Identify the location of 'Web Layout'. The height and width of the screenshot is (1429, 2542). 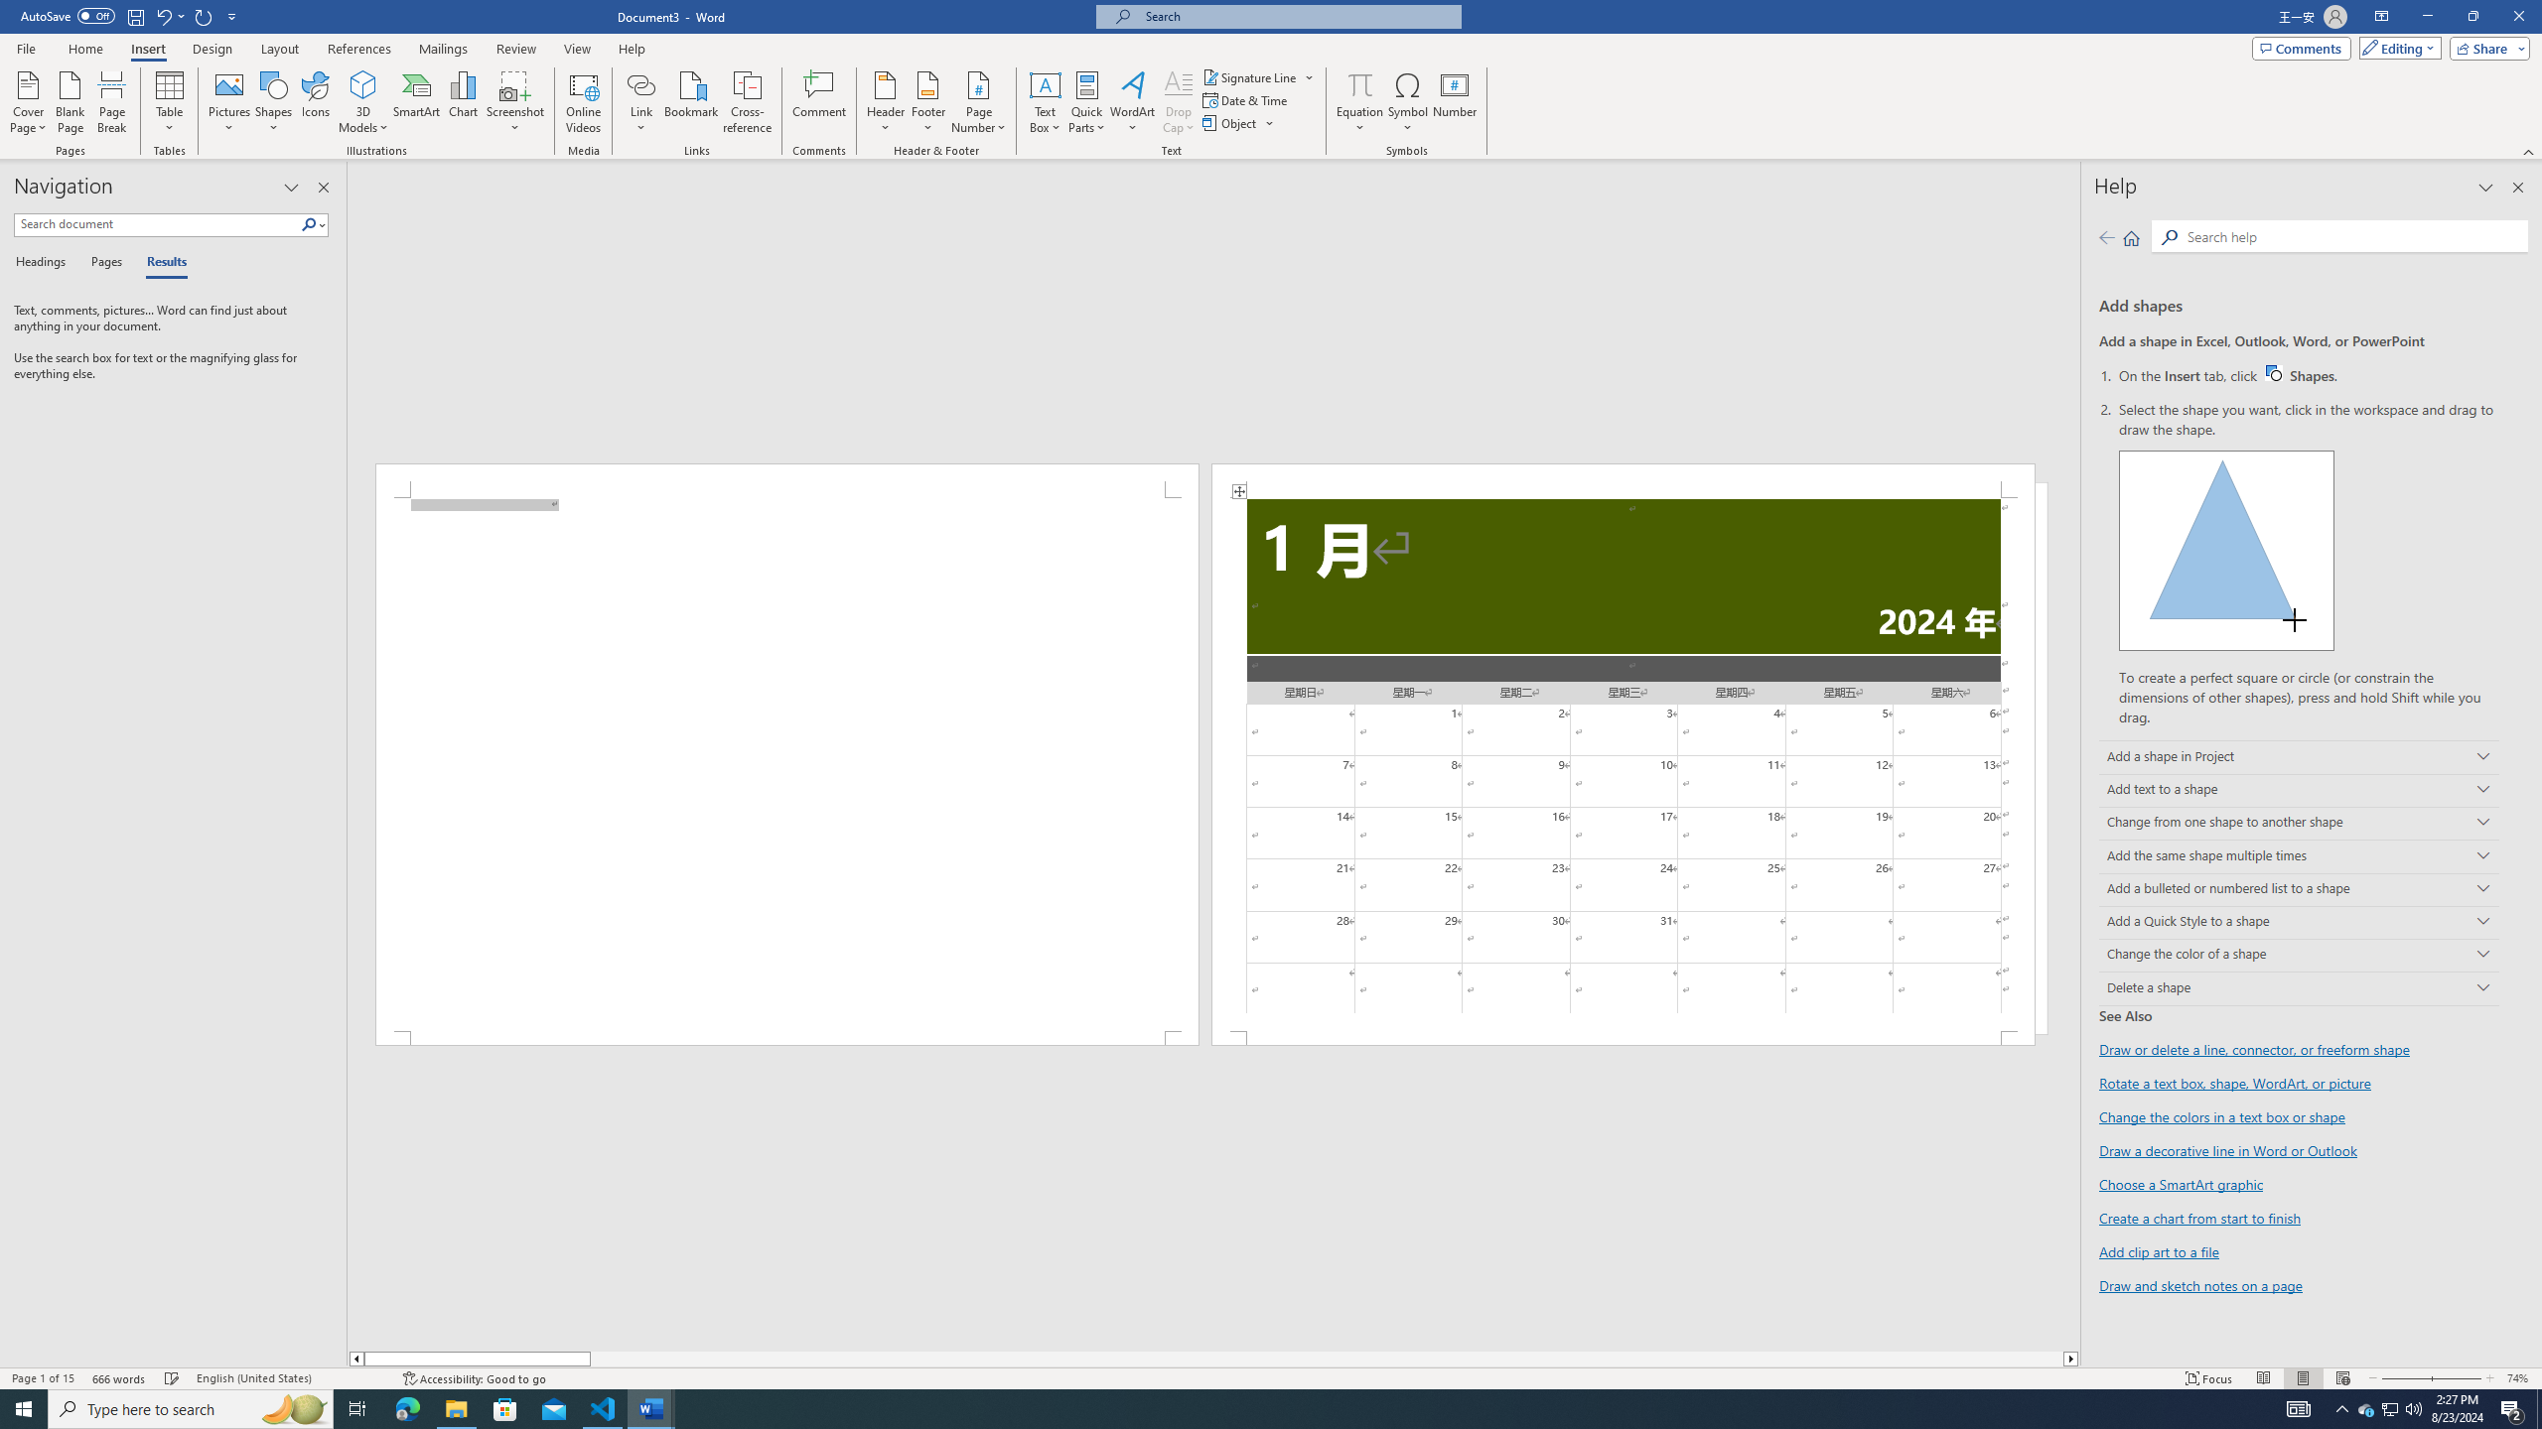
(2343, 1378).